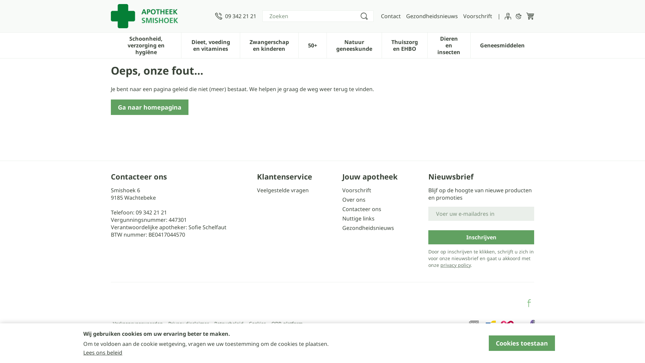 This screenshot has height=363, width=645. I want to click on 'Natuur geneeskunde', so click(354, 44).